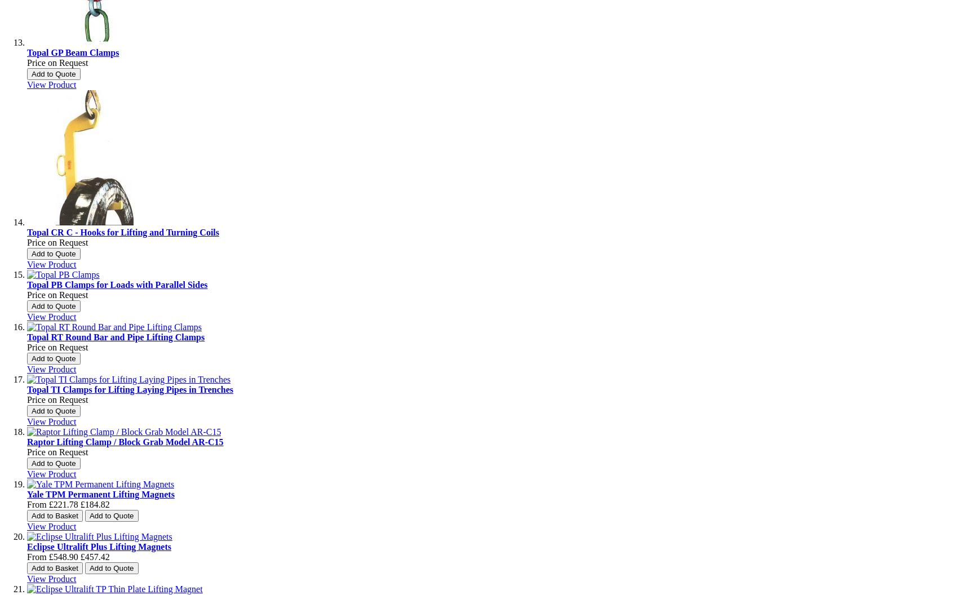 This screenshot has height=595, width=958. What do you see at coordinates (72, 52) in the screenshot?
I see `'Topal GP Beam Clamps'` at bounding box center [72, 52].